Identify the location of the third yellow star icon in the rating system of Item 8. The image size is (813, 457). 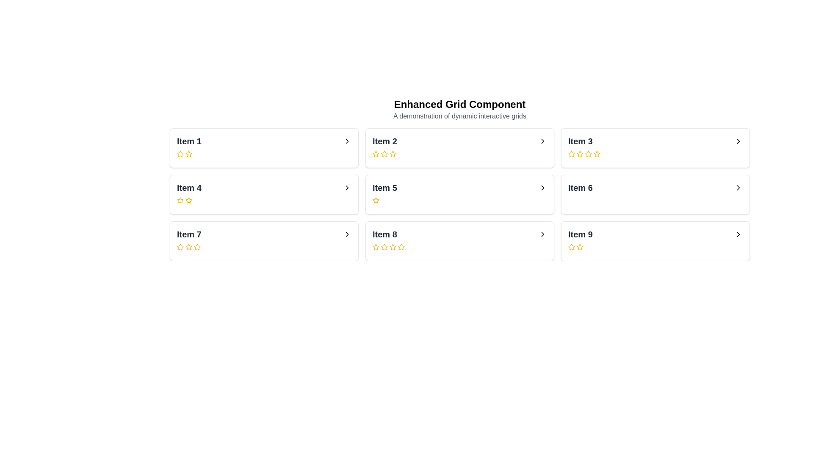
(401, 247).